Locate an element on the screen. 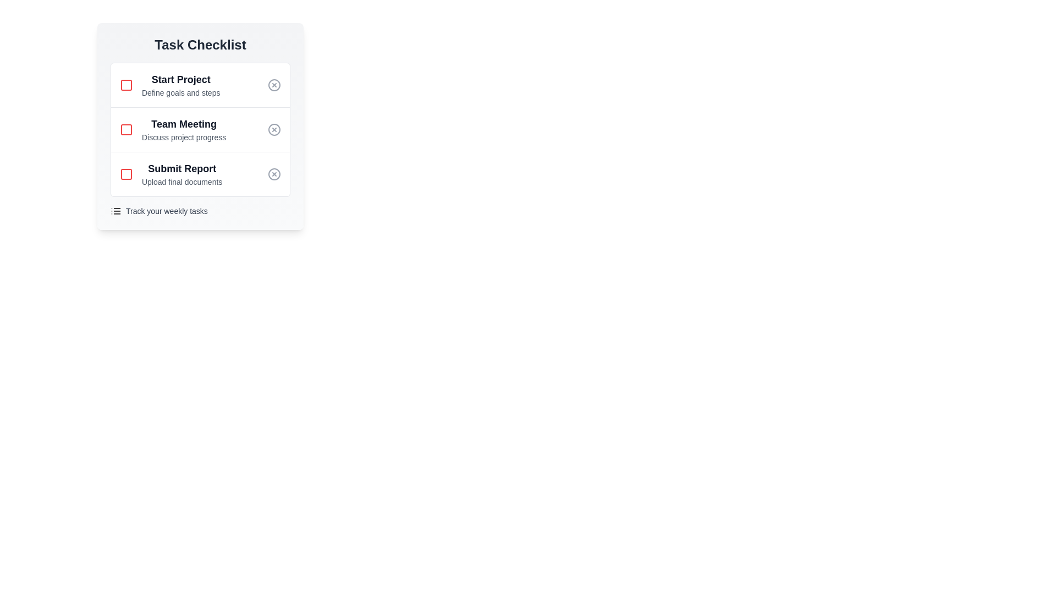 This screenshot has height=594, width=1056. the footer text 'Track your weekly tasks' to interact with the footer information element is located at coordinates (166, 211).